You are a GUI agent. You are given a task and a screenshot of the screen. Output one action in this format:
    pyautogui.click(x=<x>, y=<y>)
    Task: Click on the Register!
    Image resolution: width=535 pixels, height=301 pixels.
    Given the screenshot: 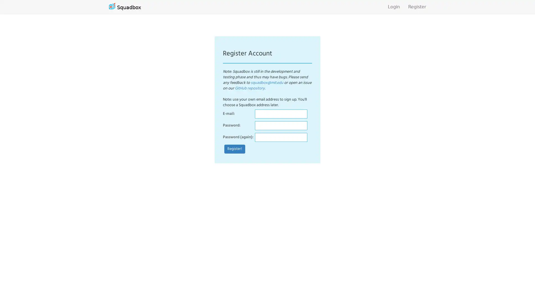 What is the action you would take?
    pyautogui.click(x=235, y=149)
    